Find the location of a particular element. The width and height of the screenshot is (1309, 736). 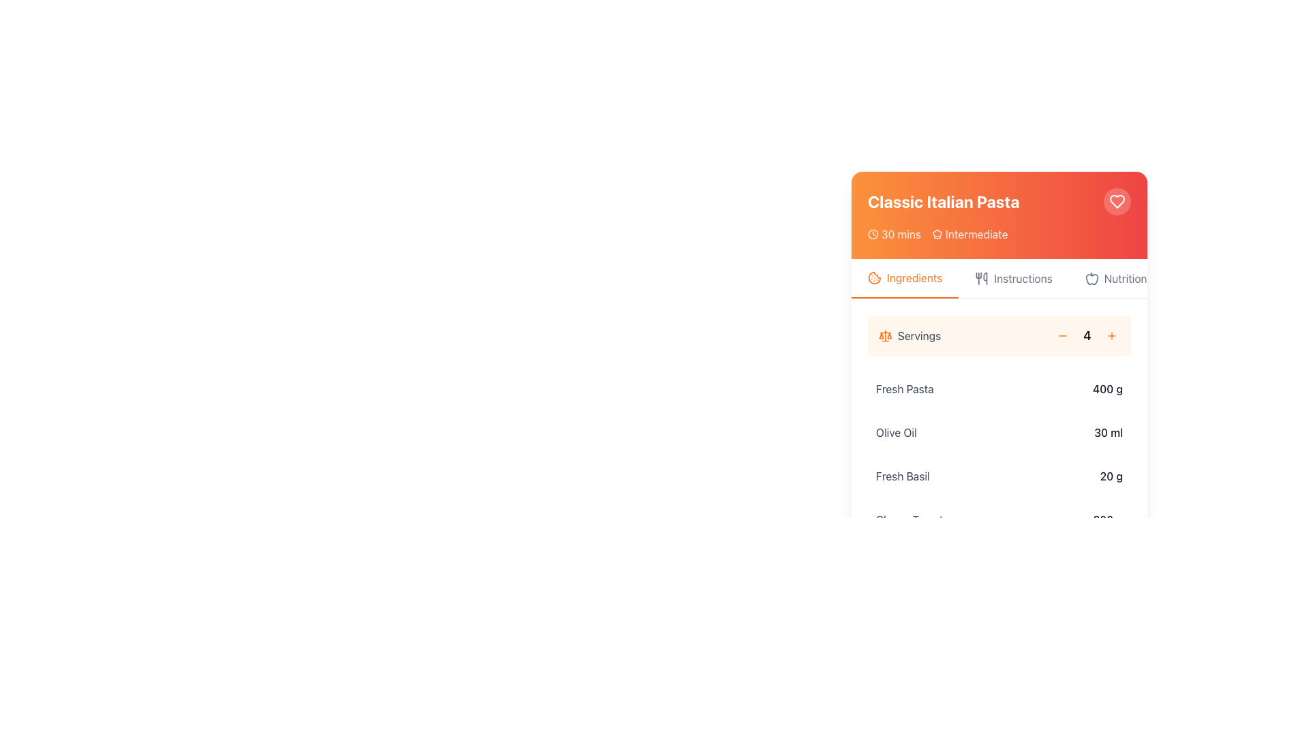

the cookie icon located to the left of the 'Ingredients' text in the 'Ingredients' tab, which is styled in orange is located at coordinates (874, 277).